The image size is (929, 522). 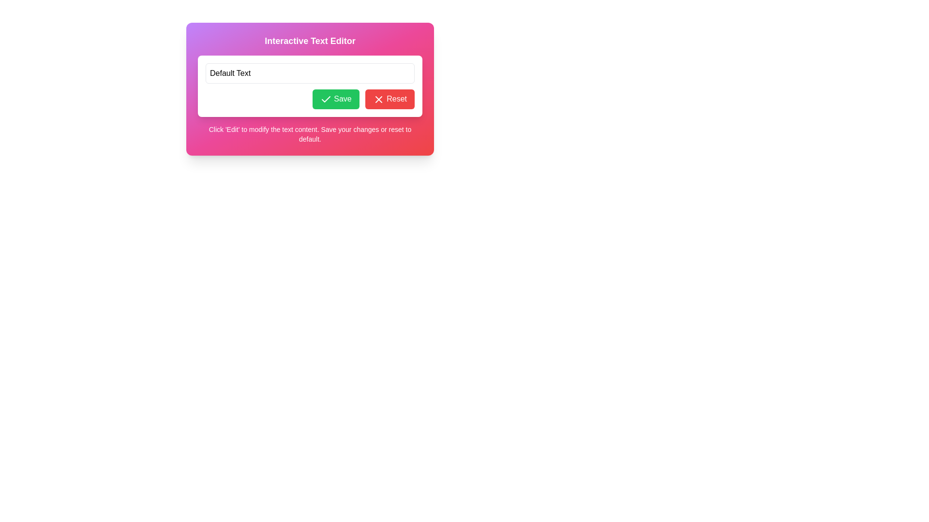 What do you see at coordinates (336, 99) in the screenshot?
I see `the 'Save' button located at the bottom-right of the text editor interface to observe its hover effects` at bounding box center [336, 99].